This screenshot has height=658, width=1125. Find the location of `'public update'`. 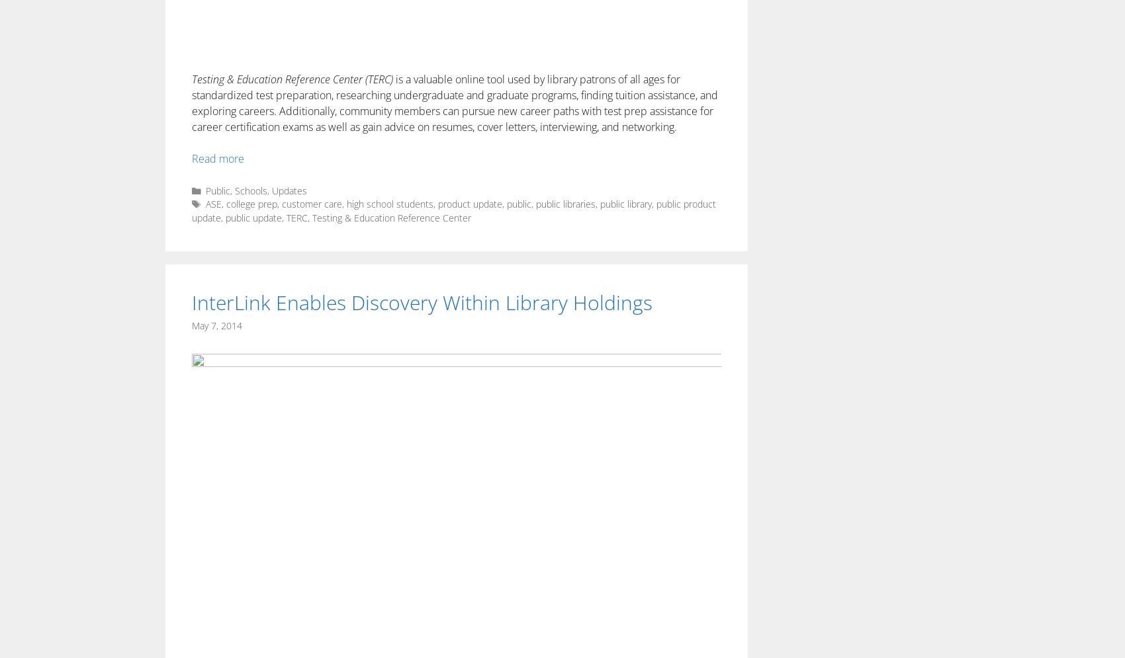

'public update' is located at coordinates (253, 217).